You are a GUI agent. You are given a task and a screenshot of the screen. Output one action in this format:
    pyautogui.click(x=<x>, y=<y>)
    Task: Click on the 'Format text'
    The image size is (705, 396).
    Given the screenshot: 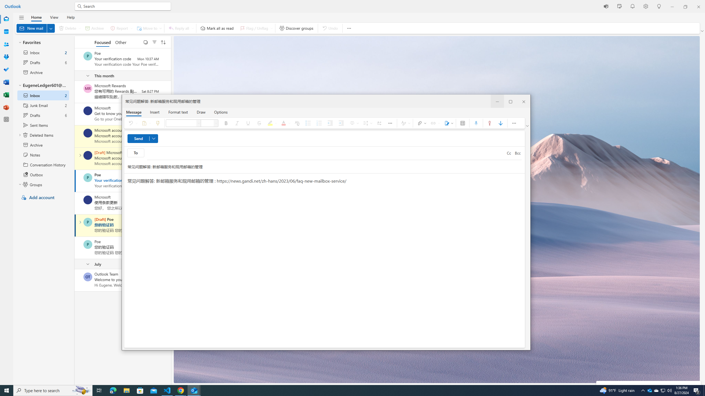 What is the action you would take?
    pyautogui.click(x=178, y=112)
    